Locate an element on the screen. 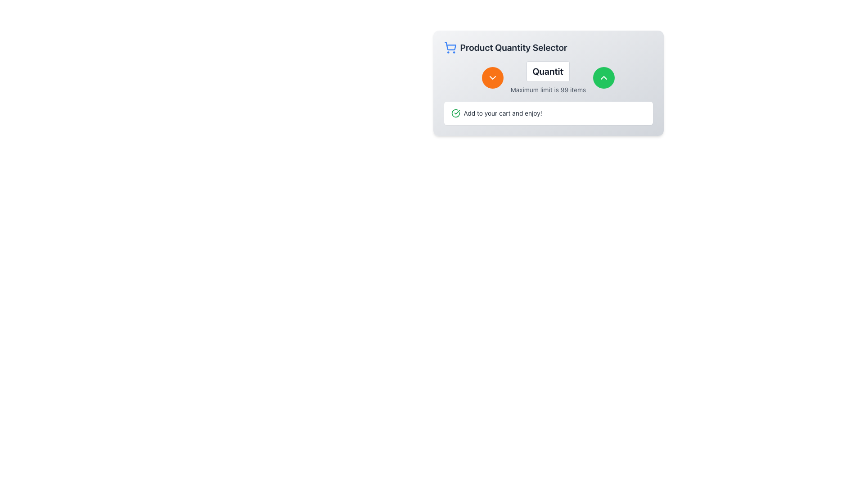 Image resolution: width=864 pixels, height=486 pixels. displayed information from the Static Text that informs users of the maximum allowable quantity below the quantity input field is located at coordinates (548, 90).